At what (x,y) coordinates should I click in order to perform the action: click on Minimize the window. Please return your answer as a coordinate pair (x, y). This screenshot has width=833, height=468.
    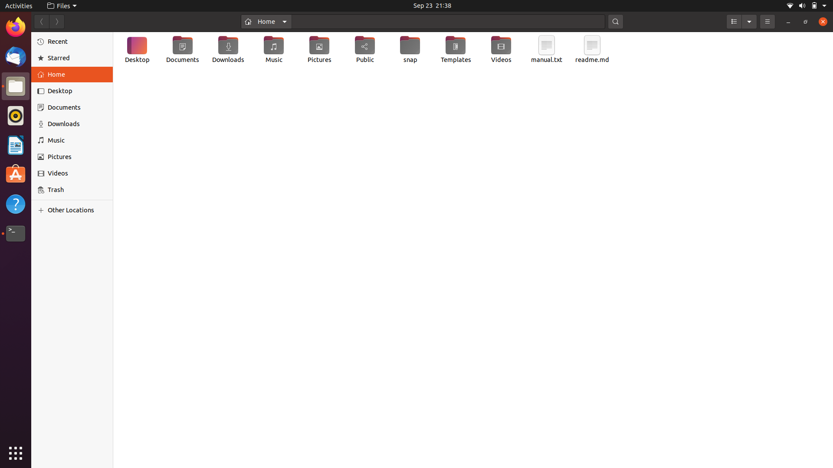
    Looking at the image, I should click on (788, 21).